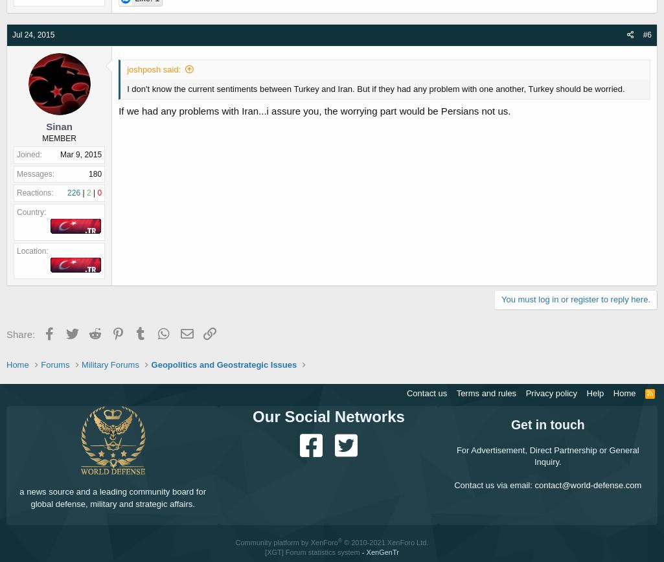  Describe the element at coordinates (264, 552) in the screenshot. I see `'[XGT] Forum statistics system'` at that location.